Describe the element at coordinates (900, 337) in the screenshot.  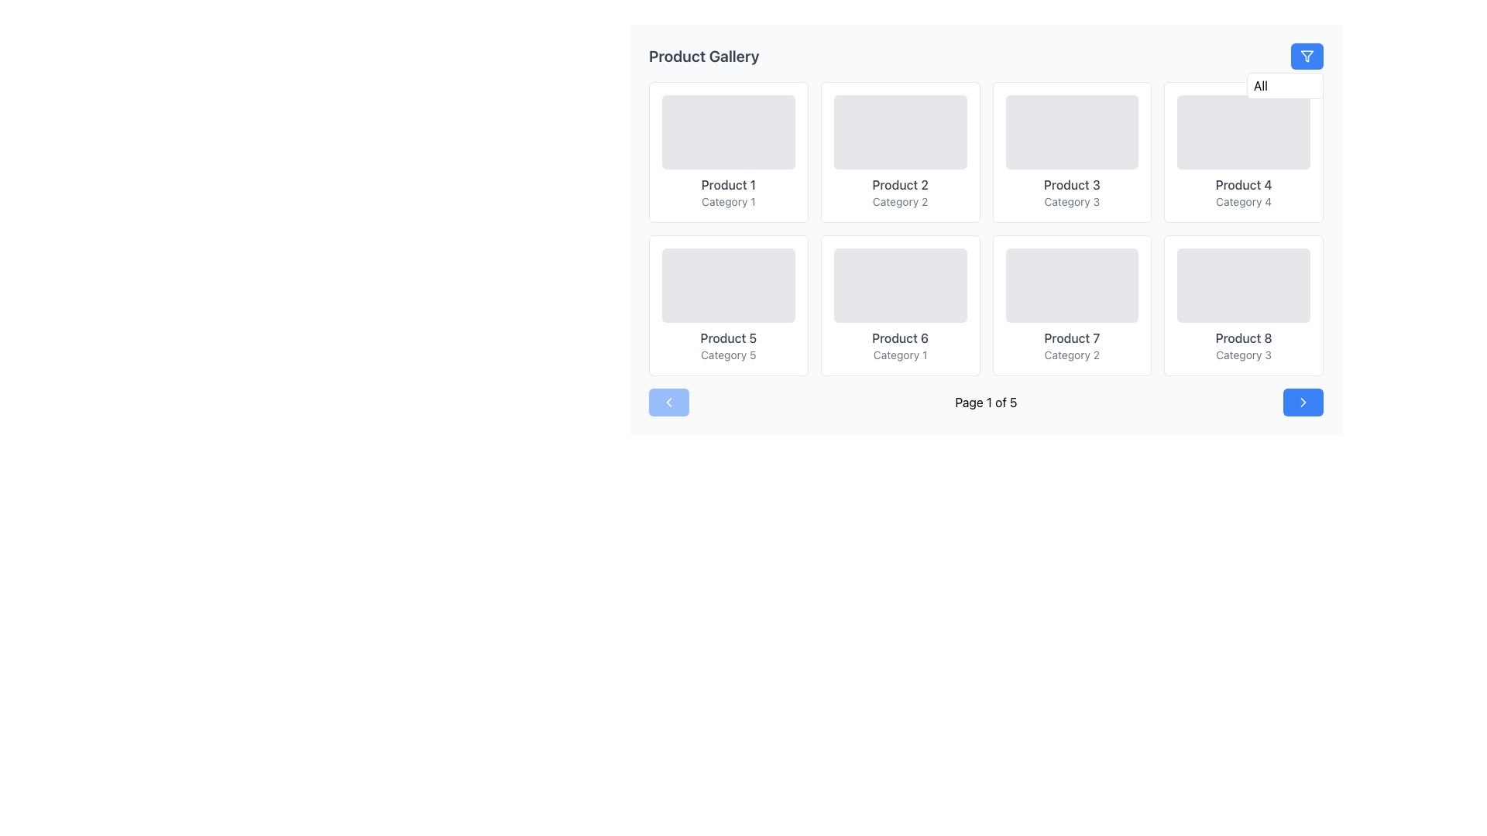
I see `the text label displaying 'Product 6', which is styled in gray and positioned between an empty gray box above and 'Category 1' below, located in the second row, third column of the grid layout` at that location.